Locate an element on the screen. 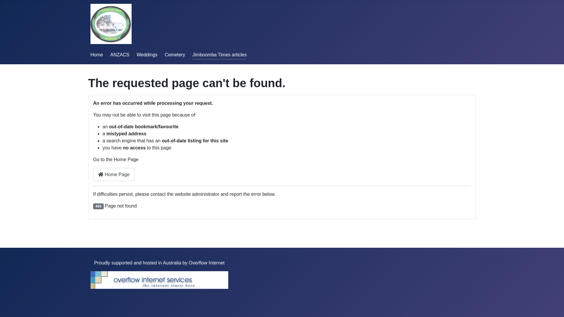  'Weddings' is located at coordinates (147, 55).